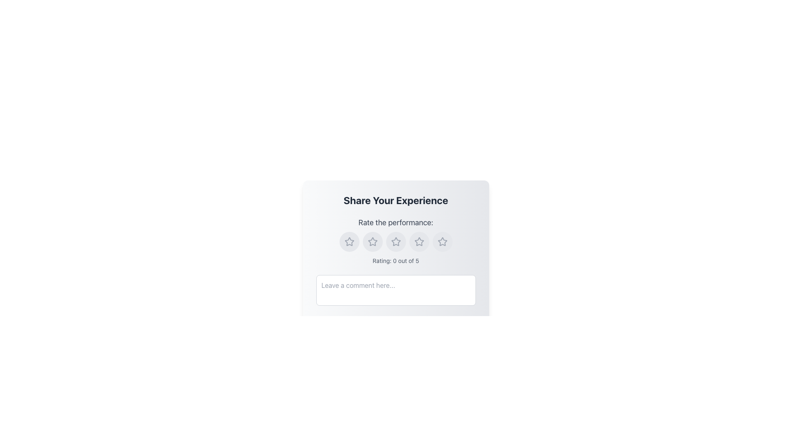 This screenshot has width=798, height=448. What do you see at coordinates (372, 241) in the screenshot?
I see `the third circular button with a gray background and a star icon` at bounding box center [372, 241].